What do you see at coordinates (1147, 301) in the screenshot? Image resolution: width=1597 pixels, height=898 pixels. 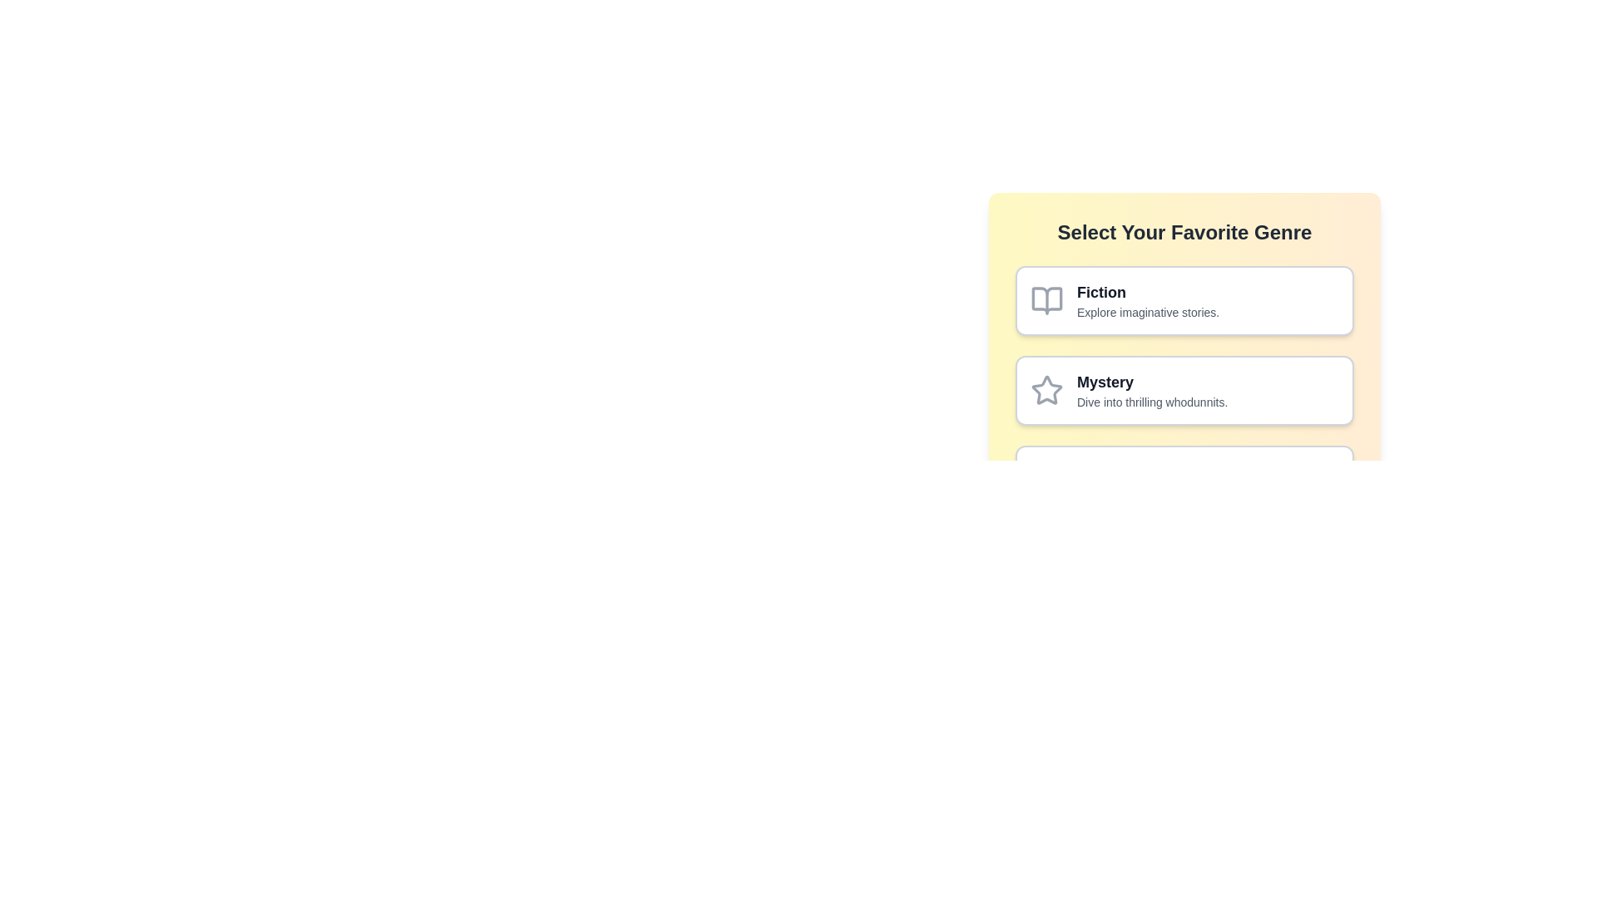 I see `the text content element that displays 'Fiction' in bold and 'Explore imaginative stories.' below it, located on a white background to the right of a book icon in a vertical list of genre cards` at bounding box center [1147, 301].